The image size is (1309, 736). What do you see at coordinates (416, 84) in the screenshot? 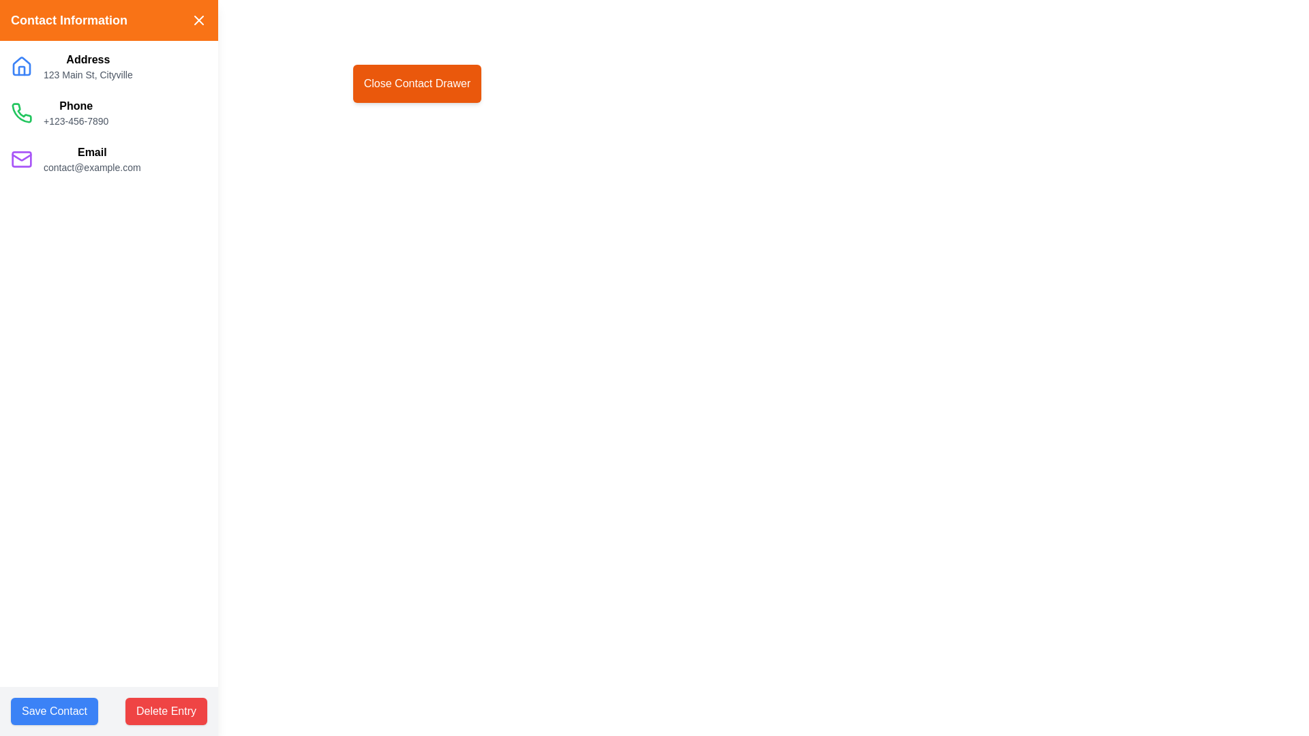
I see `the 'Close Contact Drawer' button, which is an orange button with white text located at the top center of the display, below the 'Contact Information' header` at bounding box center [416, 84].